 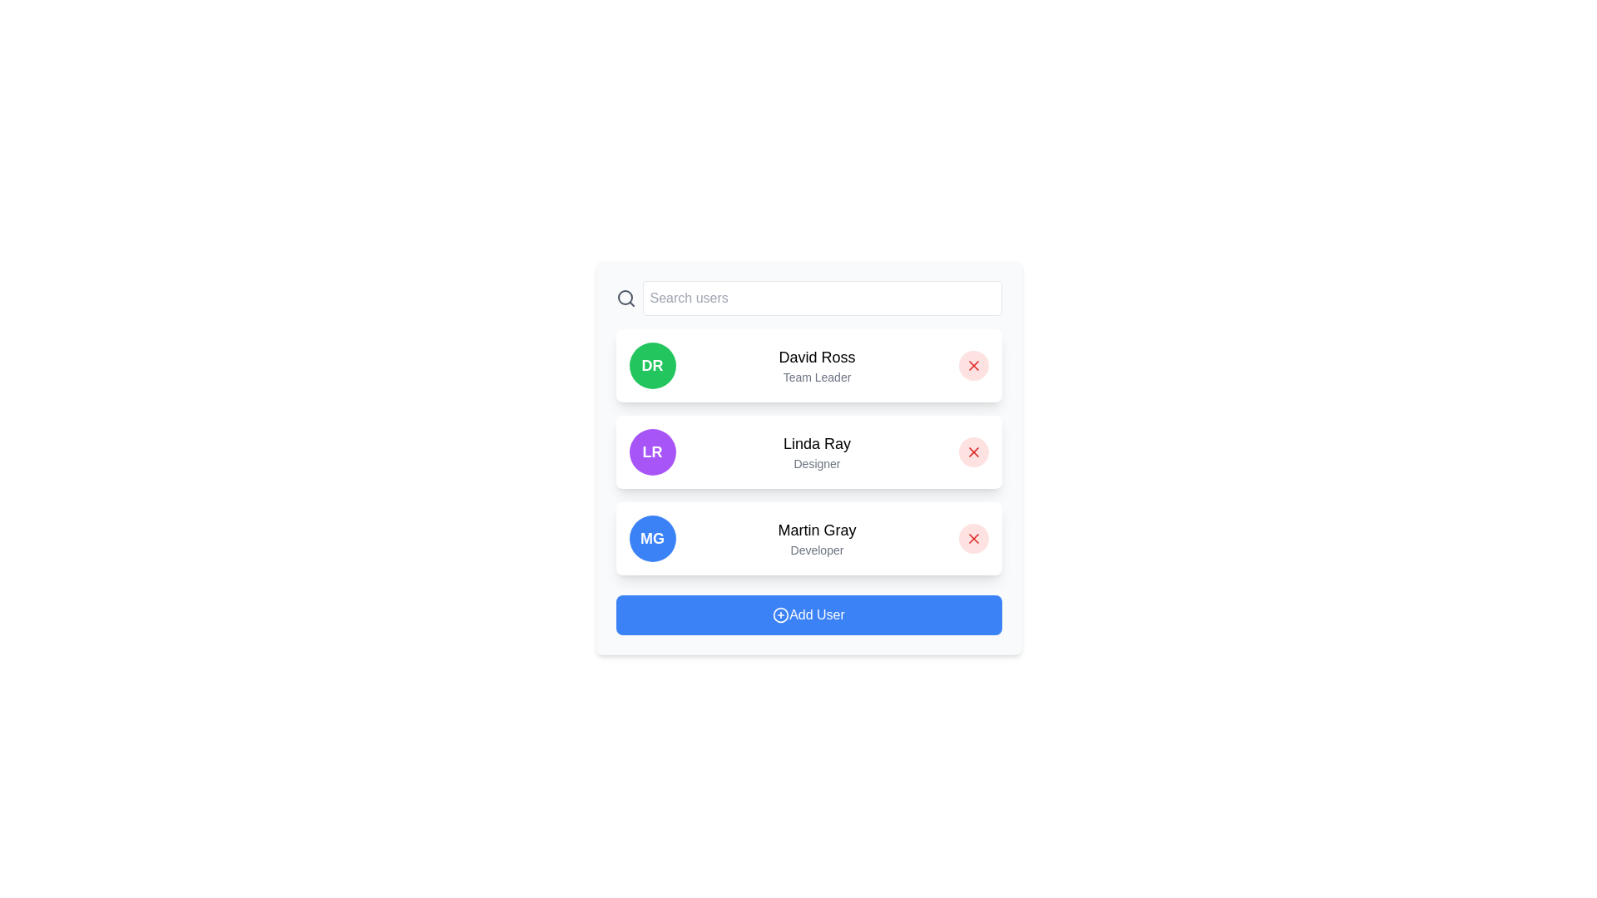 What do you see at coordinates (973, 451) in the screenshot?
I see `the delete button located to the far right of the second user row labeled 'Linda Ray Designer'` at bounding box center [973, 451].